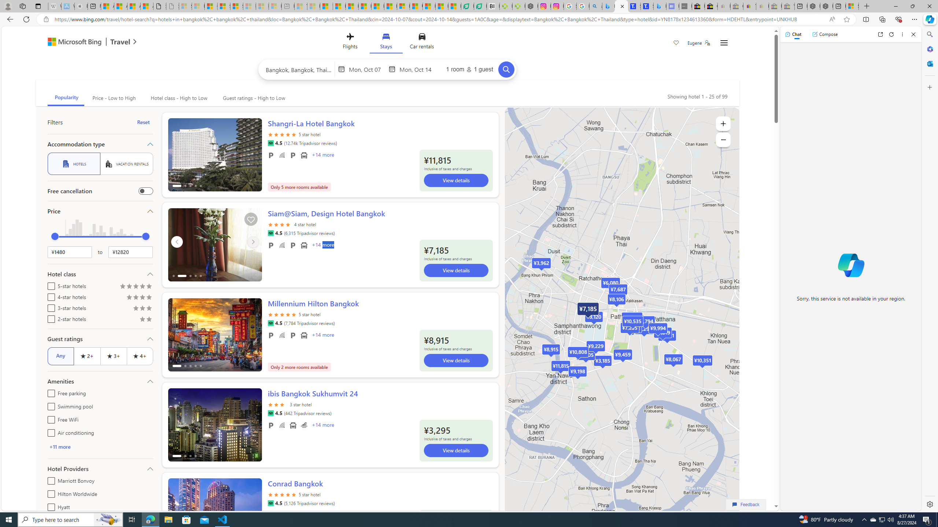 The height and width of the screenshot is (527, 938). I want to click on 'Hotel class', so click(100, 273).